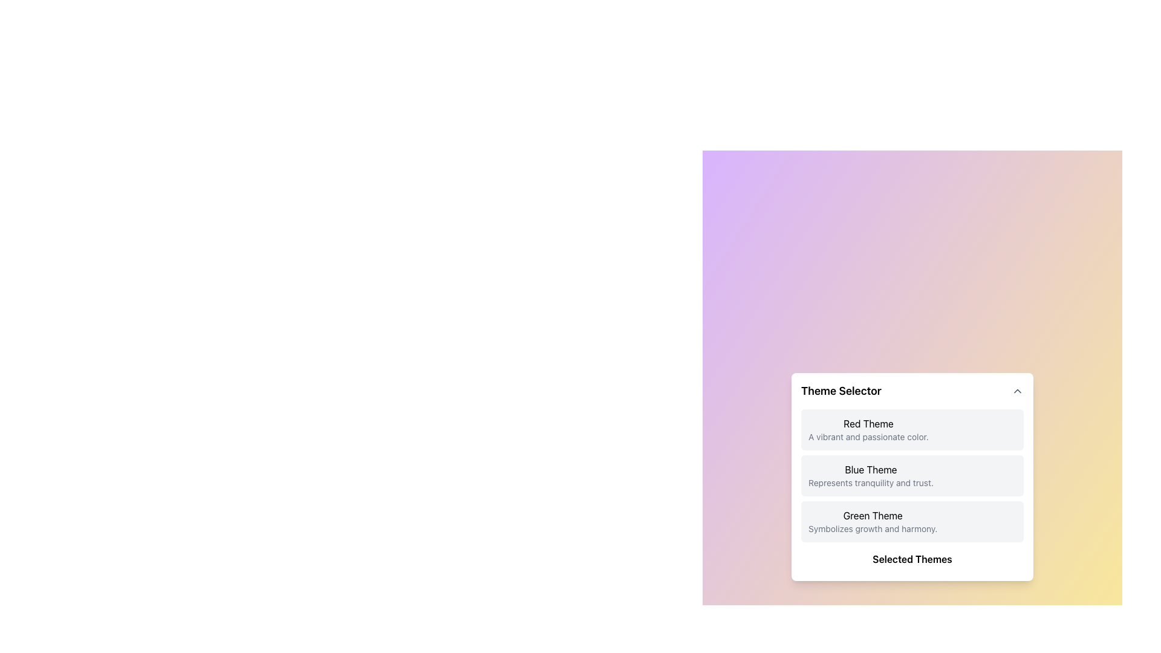 This screenshot has height=653, width=1161. What do you see at coordinates (873, 515) in the screenshot?
I see `the text label indicating the theme option in the 'Theme Selector' interface, which is positioned above the description text 'Symbolizes growth and harmony'` at bounding box center [873, 515].